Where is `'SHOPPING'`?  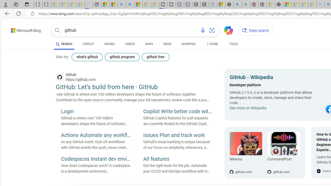 'SHOPPING' is located at coordinates (188, 44).